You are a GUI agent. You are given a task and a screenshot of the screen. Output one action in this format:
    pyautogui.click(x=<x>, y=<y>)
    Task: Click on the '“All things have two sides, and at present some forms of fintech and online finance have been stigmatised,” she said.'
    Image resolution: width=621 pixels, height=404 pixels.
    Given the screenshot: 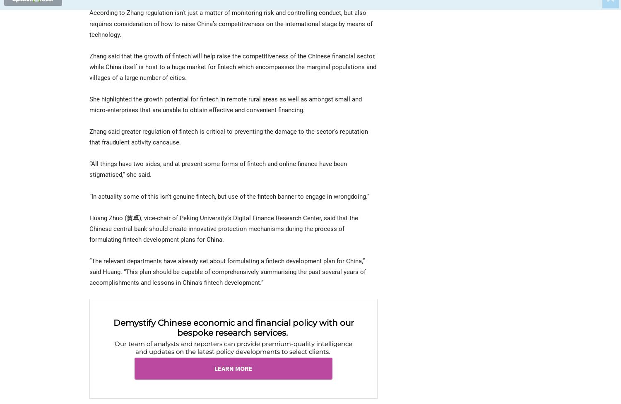 What is the action you would take?
    pyautogui.click(x=218, y=169)
    